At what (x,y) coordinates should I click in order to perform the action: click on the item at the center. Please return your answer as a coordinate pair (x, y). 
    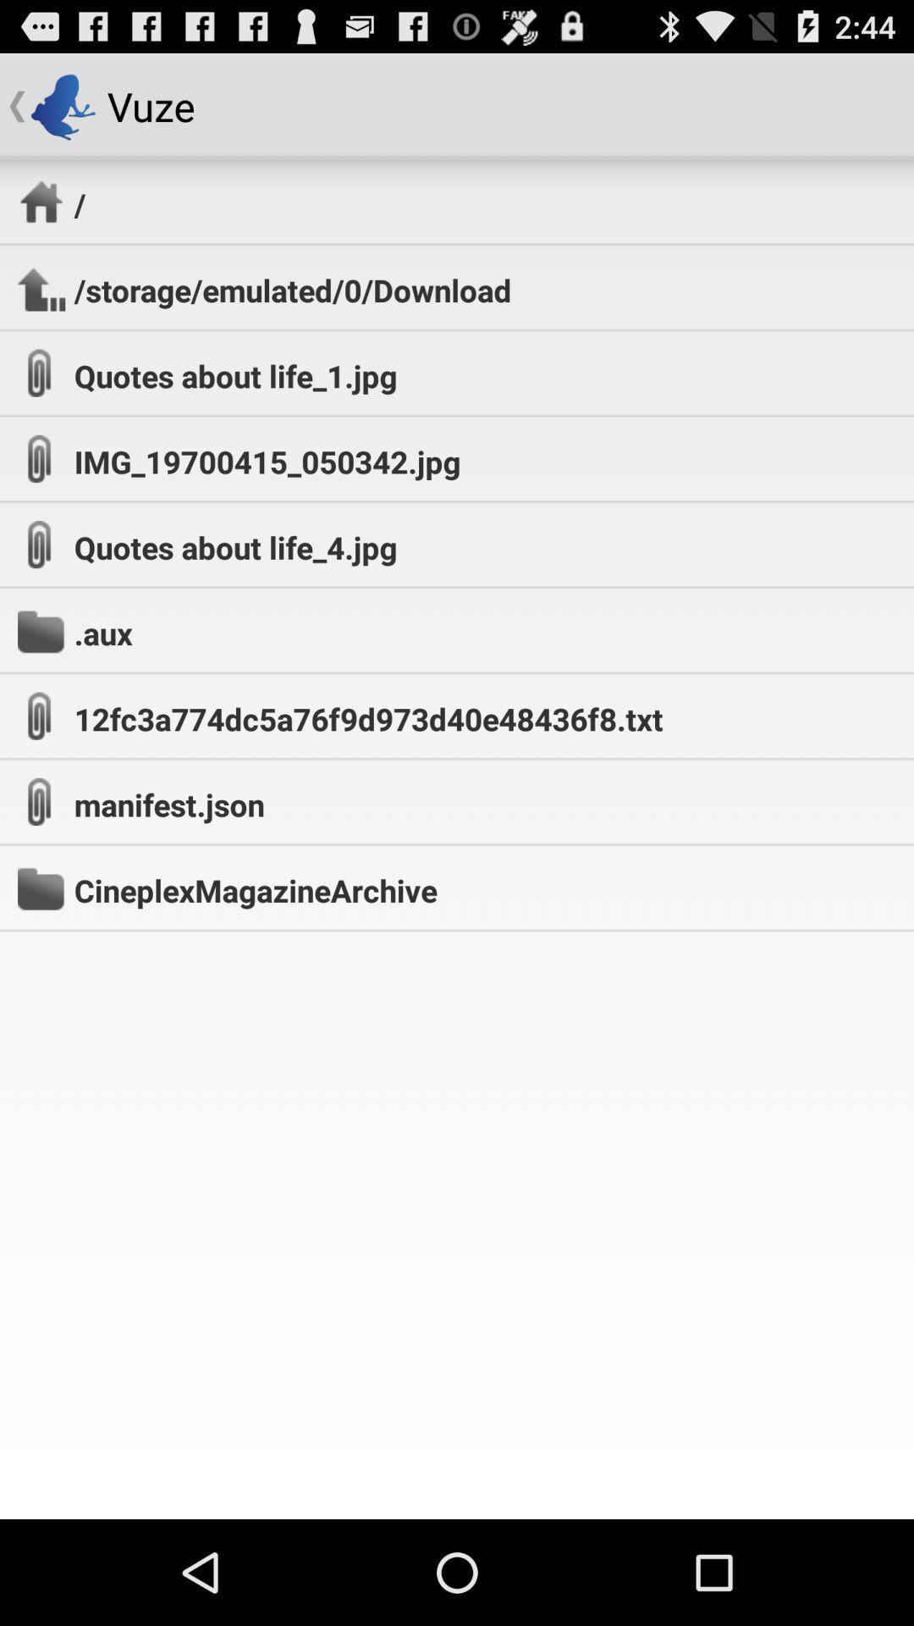
    Looking at the image, I should click on (367, 719).